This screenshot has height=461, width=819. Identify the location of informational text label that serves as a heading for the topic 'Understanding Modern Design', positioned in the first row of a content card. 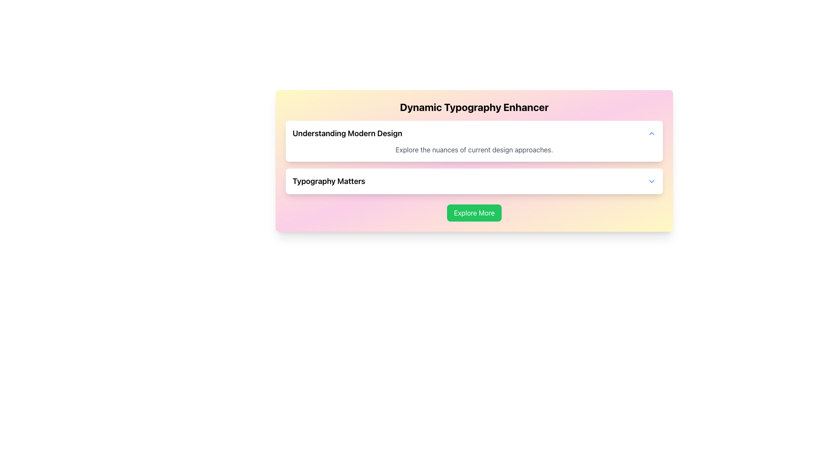
(347, 133).